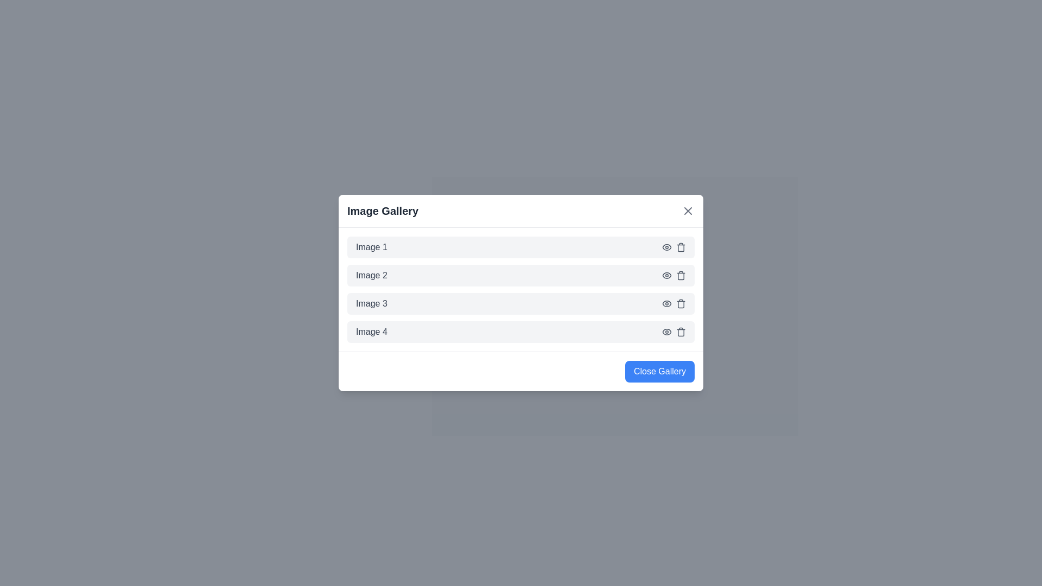  I want to click on the outer contour of the eye icon within the third row of the 'Image Gallery' modal dialog box, which indicates visibility toggle, so click(666, 303).